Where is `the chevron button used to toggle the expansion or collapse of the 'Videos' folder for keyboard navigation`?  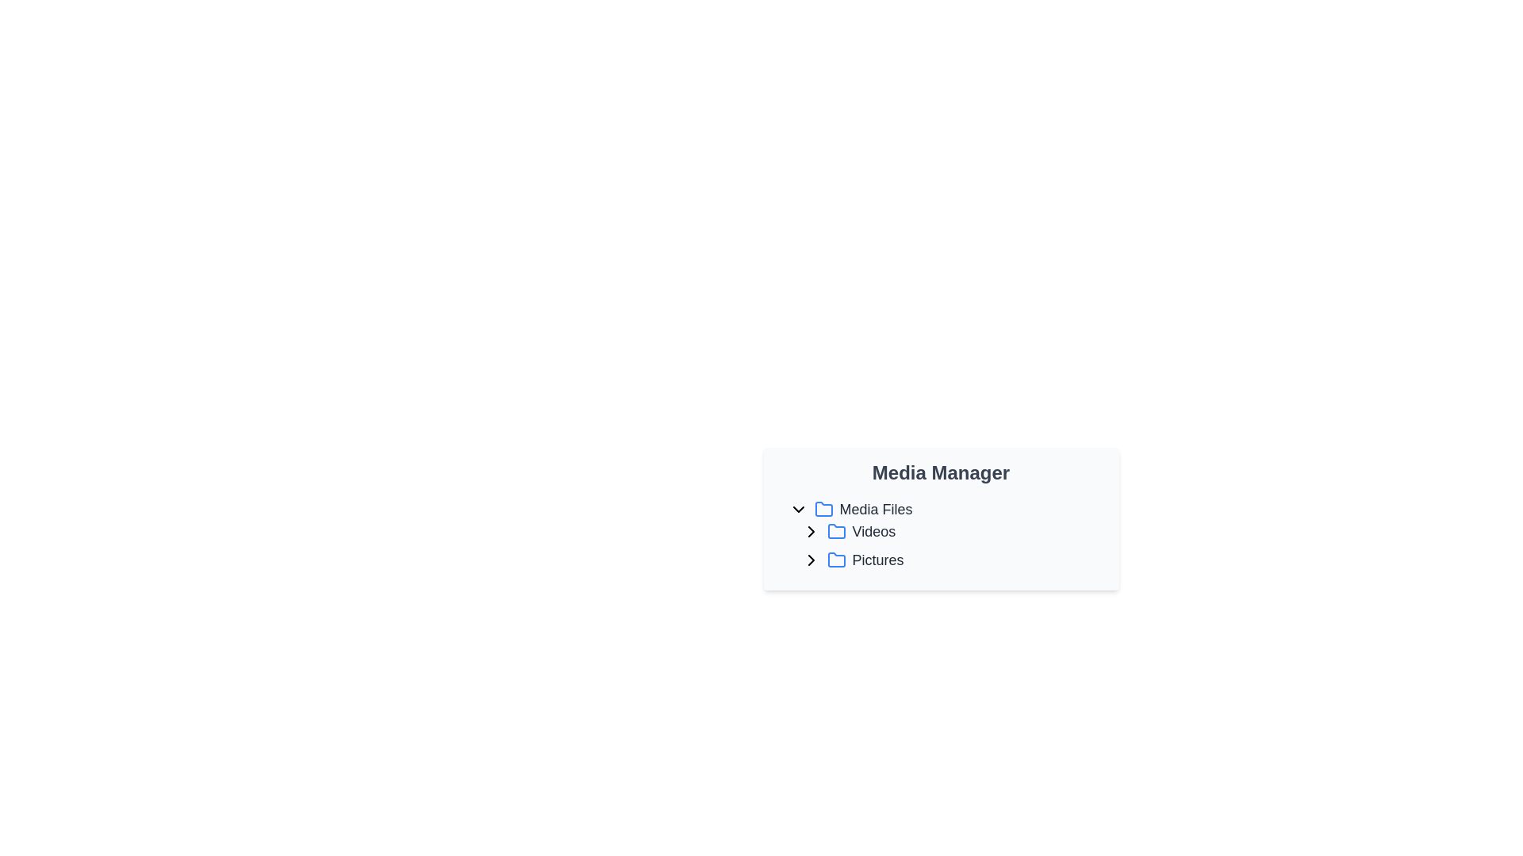
the chevron button used to toggle the expansion or collapse of the 'Videos' folder for keyboard navigation is located at coordinates (811, 532).